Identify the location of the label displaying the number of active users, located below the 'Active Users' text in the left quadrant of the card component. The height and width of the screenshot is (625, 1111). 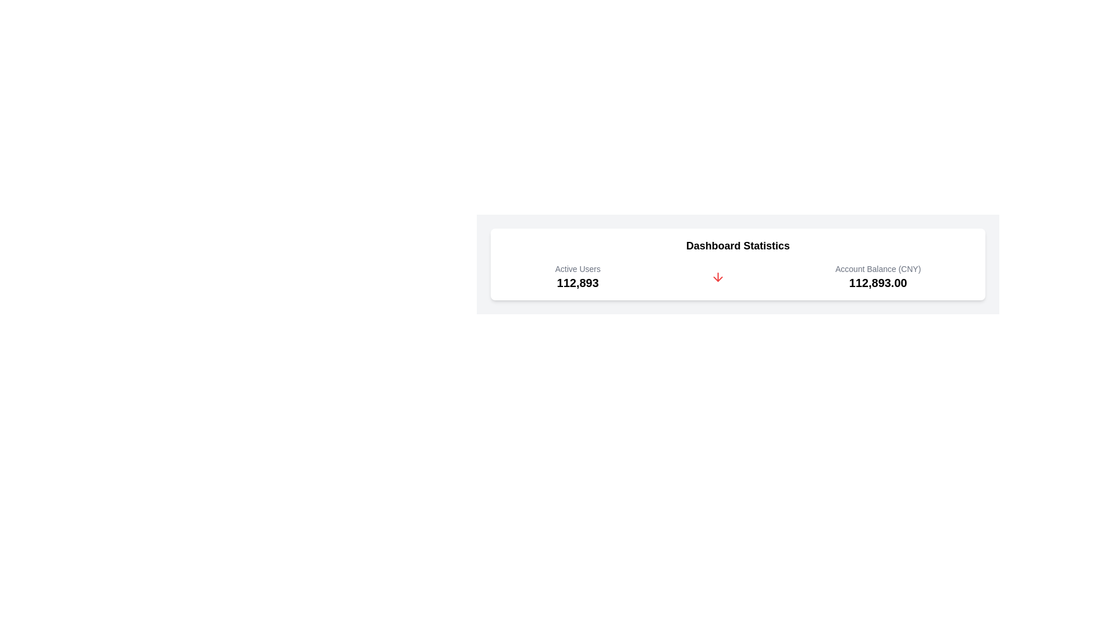
(577, 283).